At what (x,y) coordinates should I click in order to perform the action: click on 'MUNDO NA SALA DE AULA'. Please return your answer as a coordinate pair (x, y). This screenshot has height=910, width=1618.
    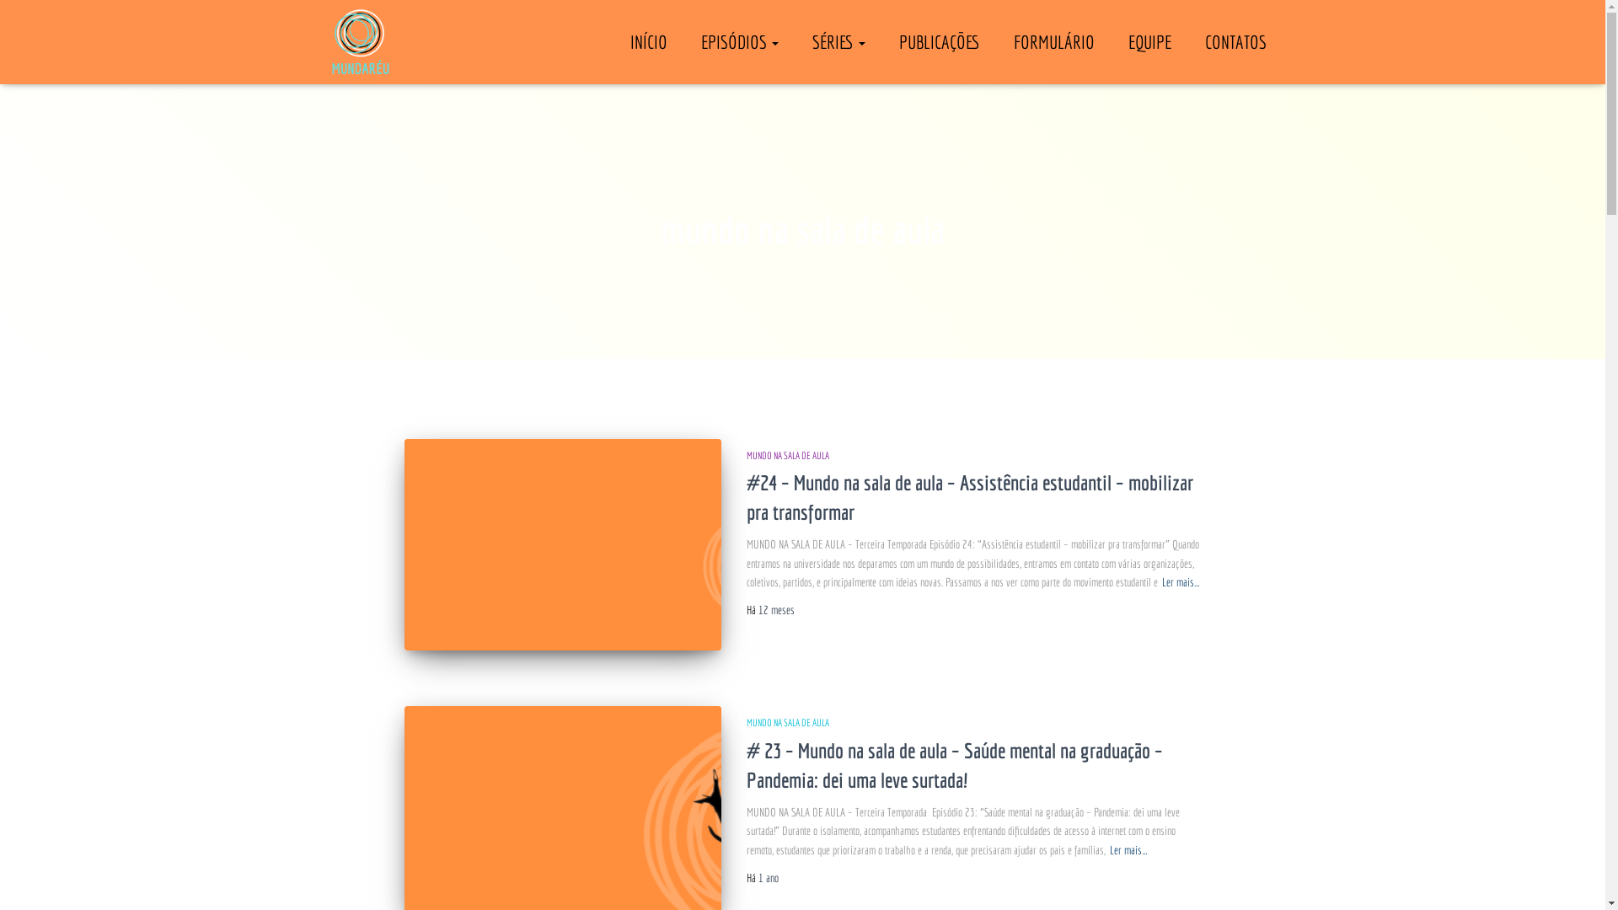
    Looking at the image, I should click on (787, 721).